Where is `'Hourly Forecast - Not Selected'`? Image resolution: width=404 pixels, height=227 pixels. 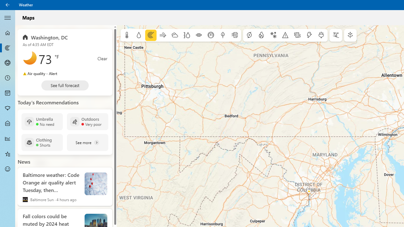 'Hourly Forecast - Not Selected' is located at coordinates (8, 78).